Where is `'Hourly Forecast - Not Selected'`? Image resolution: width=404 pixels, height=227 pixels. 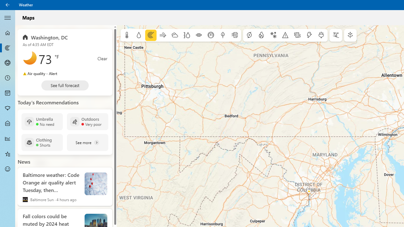 'Hourly Forecast - Not Selected' is located at coordinates (8, 78).